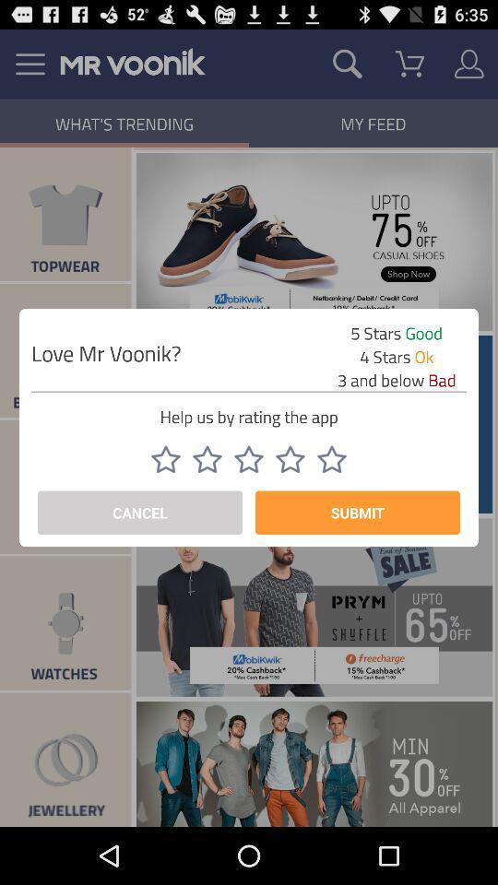 Image resolution: width=498 pixels, height=885 pixels. I want to click on give a one star rating, so click(165, 458).